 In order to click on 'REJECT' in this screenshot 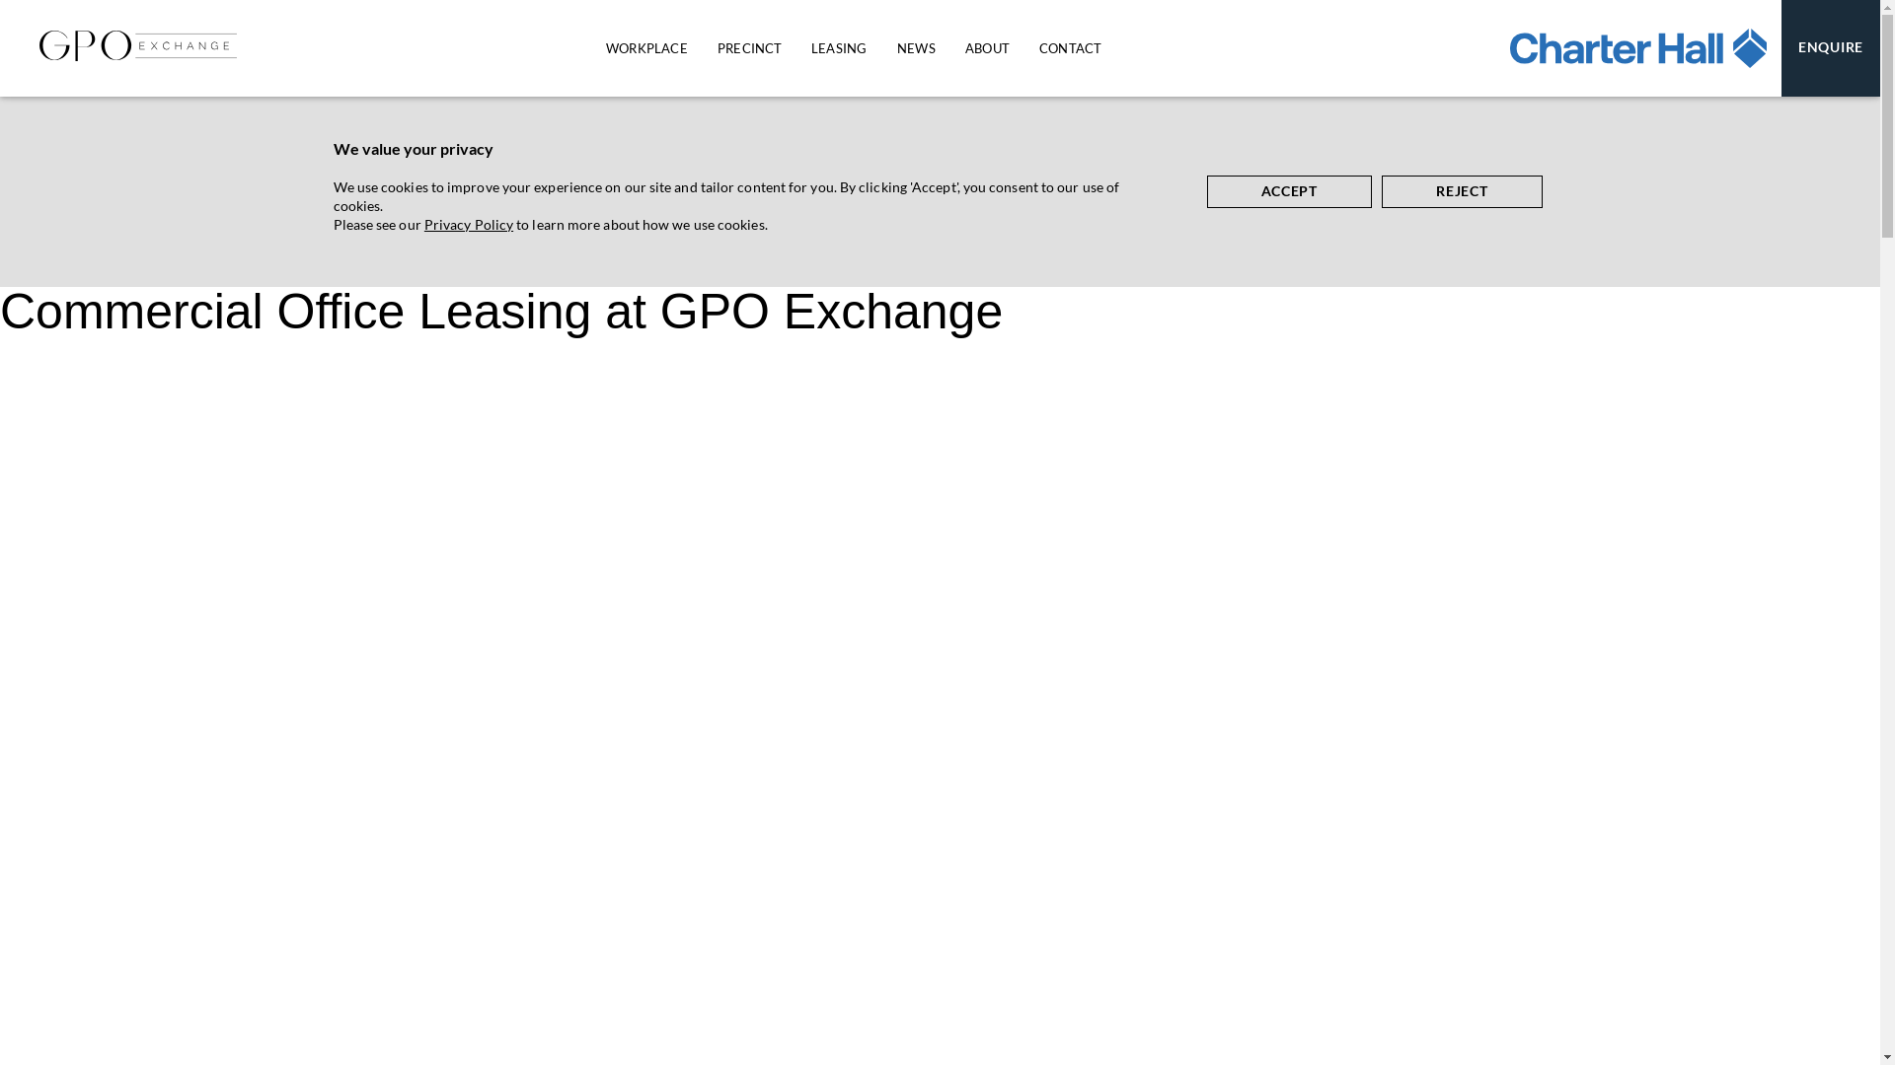, I will do `click(1462, 191)`.